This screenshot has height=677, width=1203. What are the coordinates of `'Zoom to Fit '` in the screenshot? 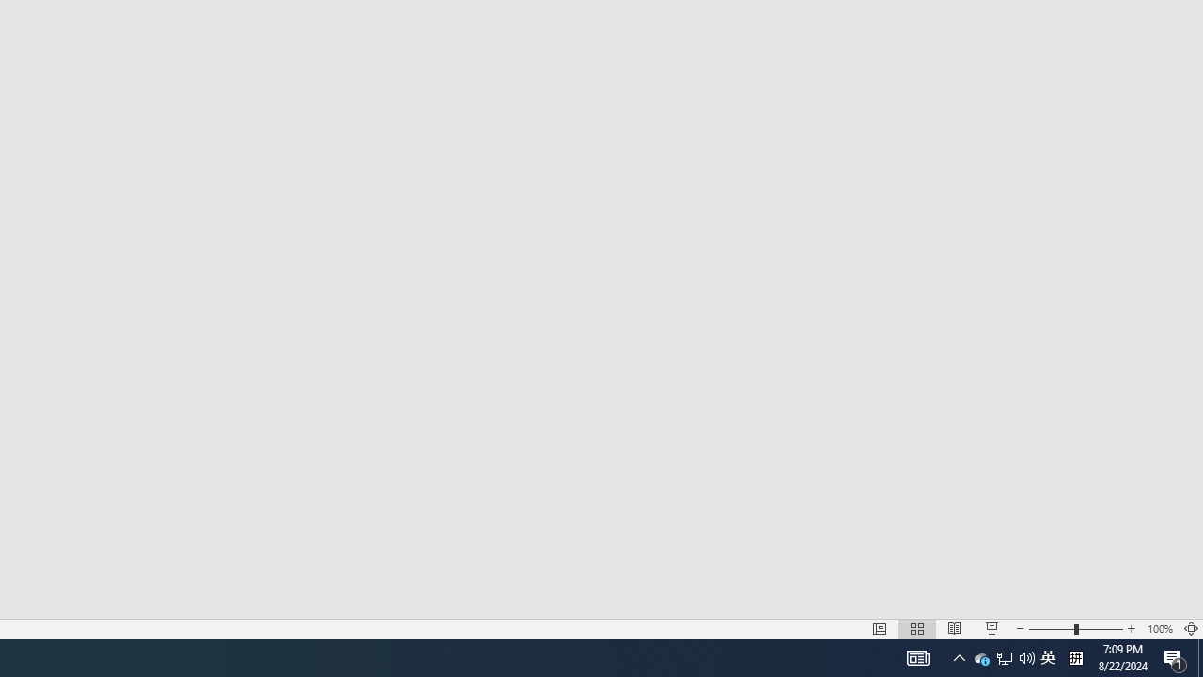 It's located at (1190, 629).